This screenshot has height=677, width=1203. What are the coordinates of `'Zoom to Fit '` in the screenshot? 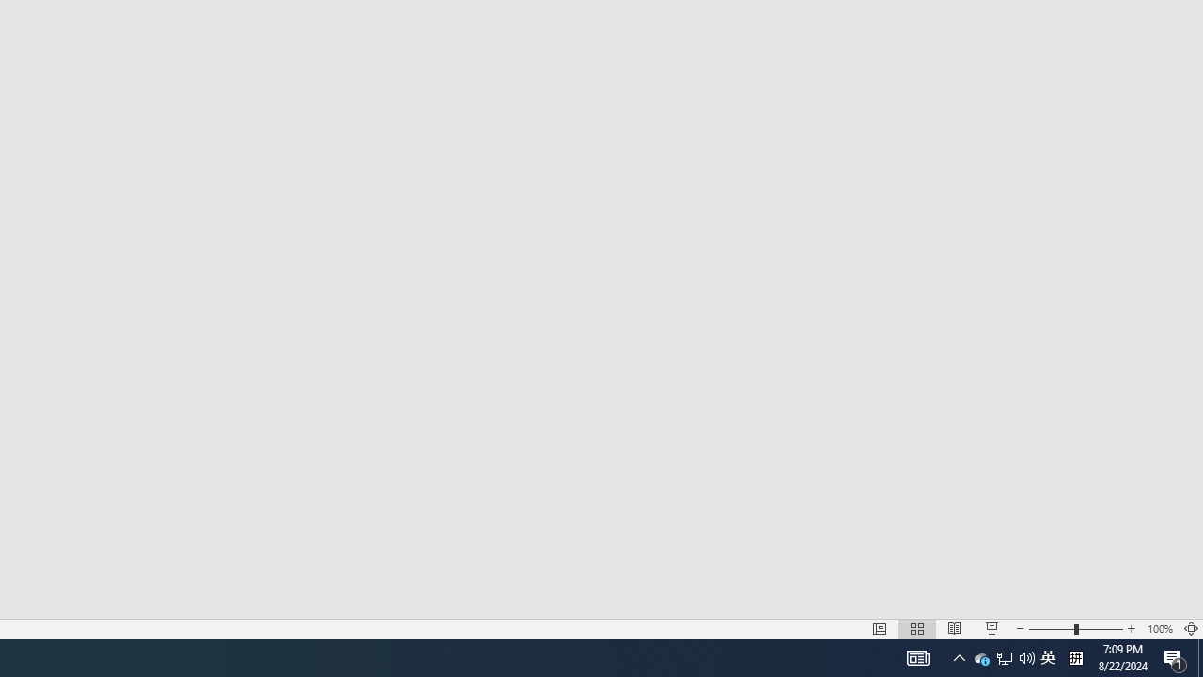 It's located at (1190, 629).